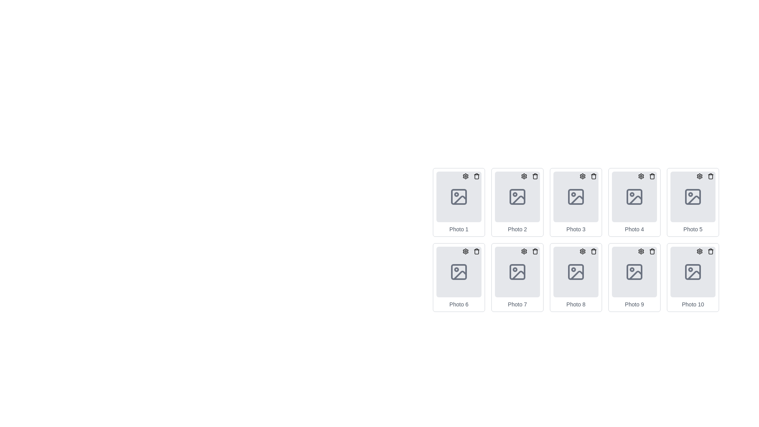  I want to click on the downward sloping line within the SVG graphic that represents the third icon labeled 'Photo 3' in the top row of the grid, so click(577, 199).